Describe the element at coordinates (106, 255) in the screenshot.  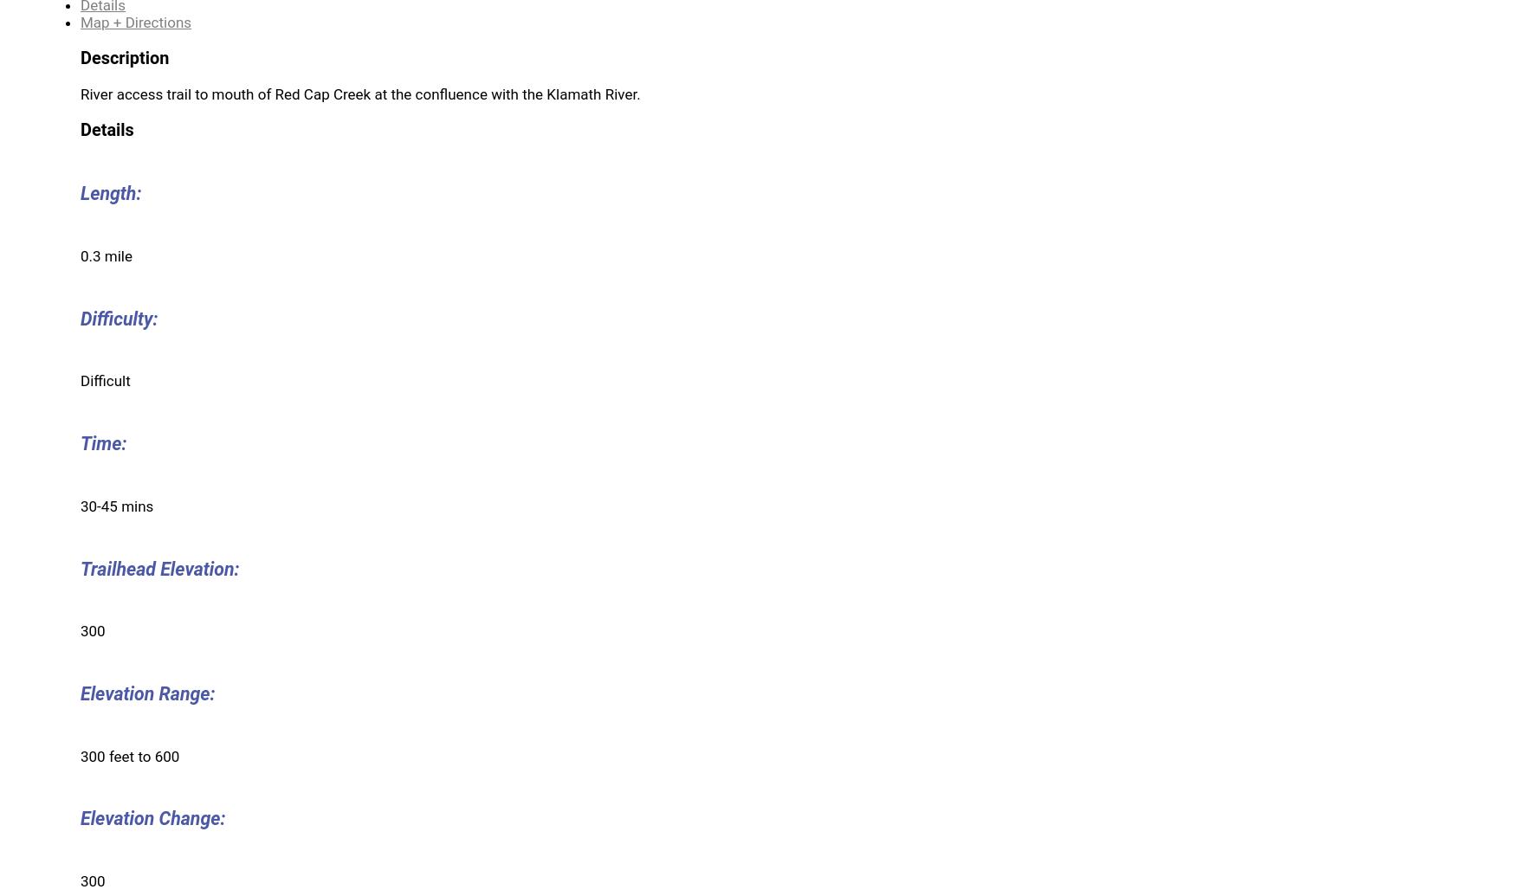
I see `'0.3 mile'` at that location.